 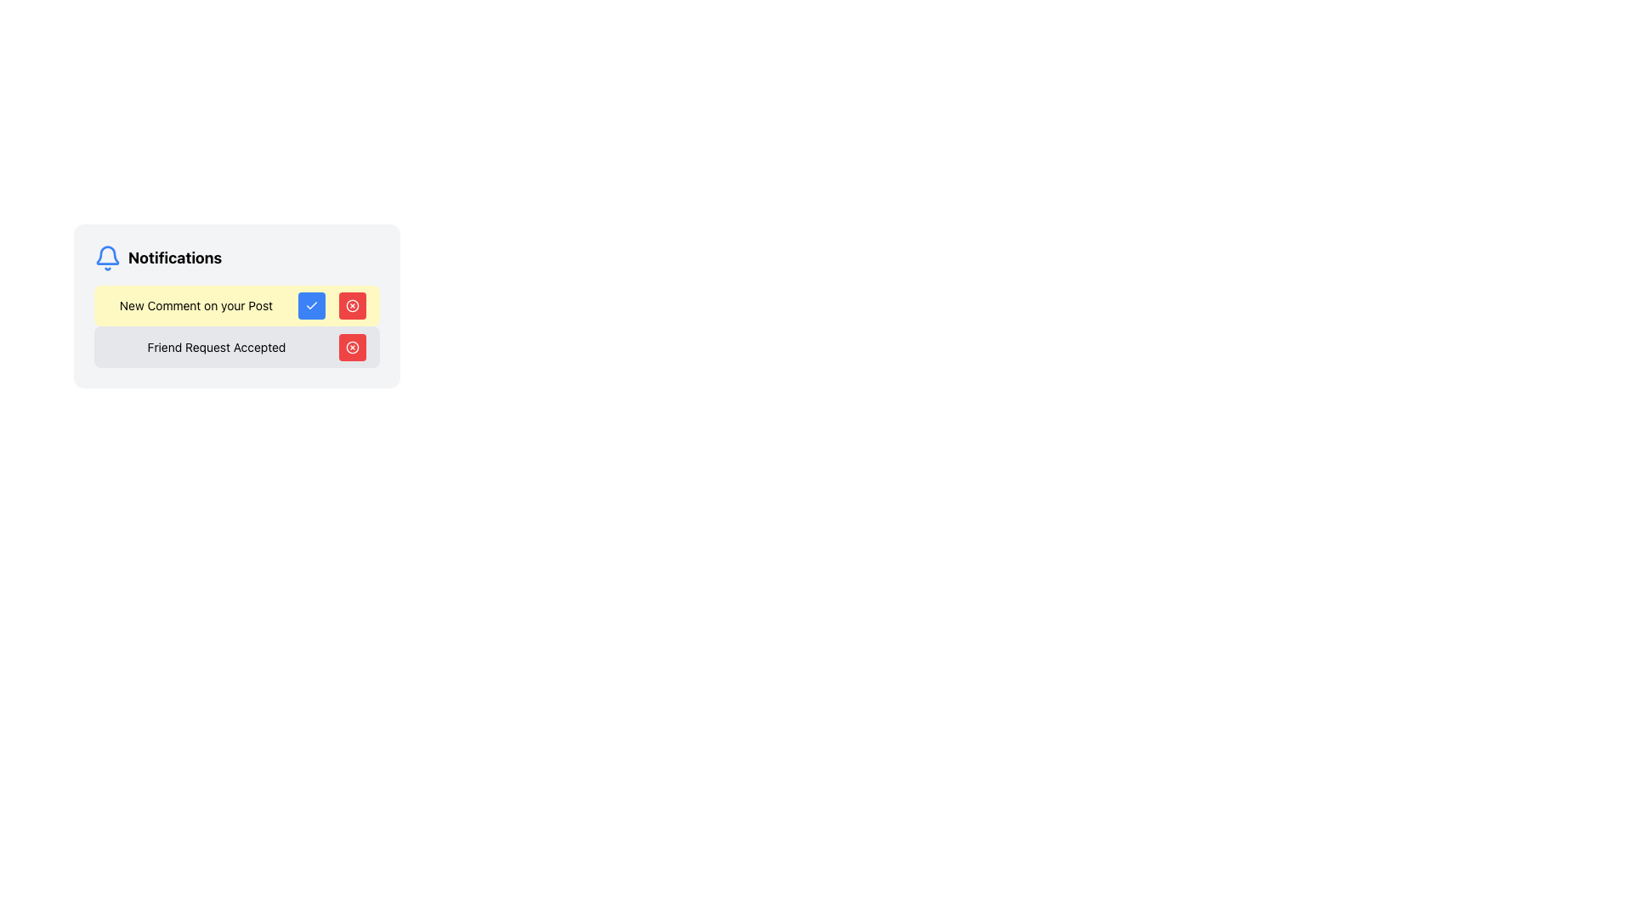 What do you see at coordinates (175, 258) in the screenshot?
I see `the 'Notifications' text label, which is bold and large, located to the right of a bell icon at the top of the notification panel` at bounding box center [175, 258].